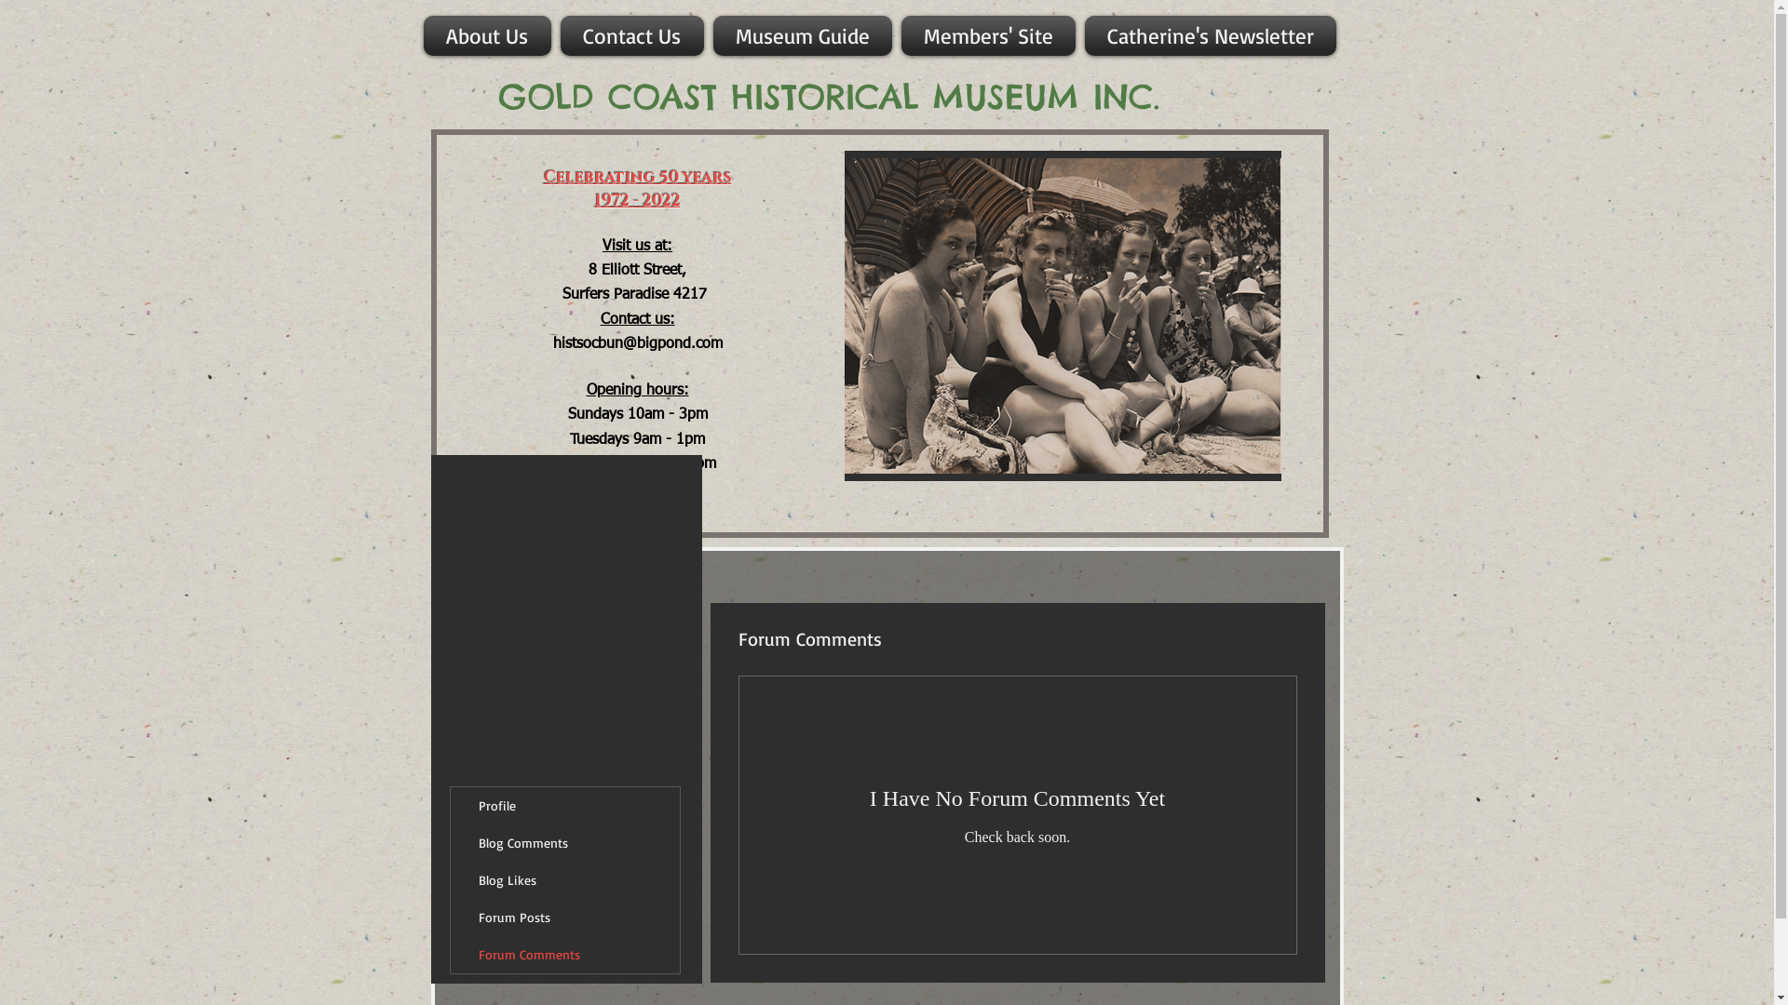  Describe the element at coordinates (563, 879) in the screenshot. I see `'Blog Likes'` at that location.